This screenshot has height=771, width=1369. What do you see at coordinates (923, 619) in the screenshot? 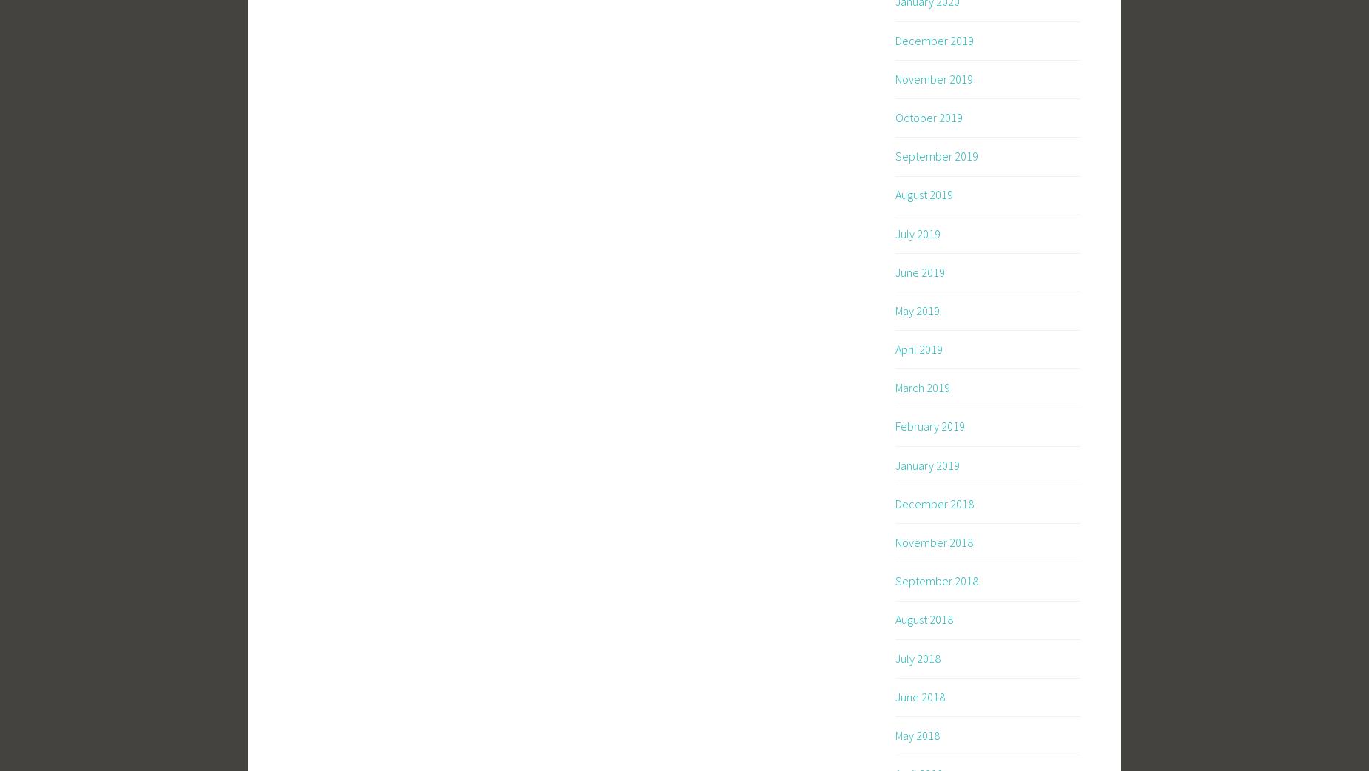
I see `'August 2018'` at bounding box center [923, 619].